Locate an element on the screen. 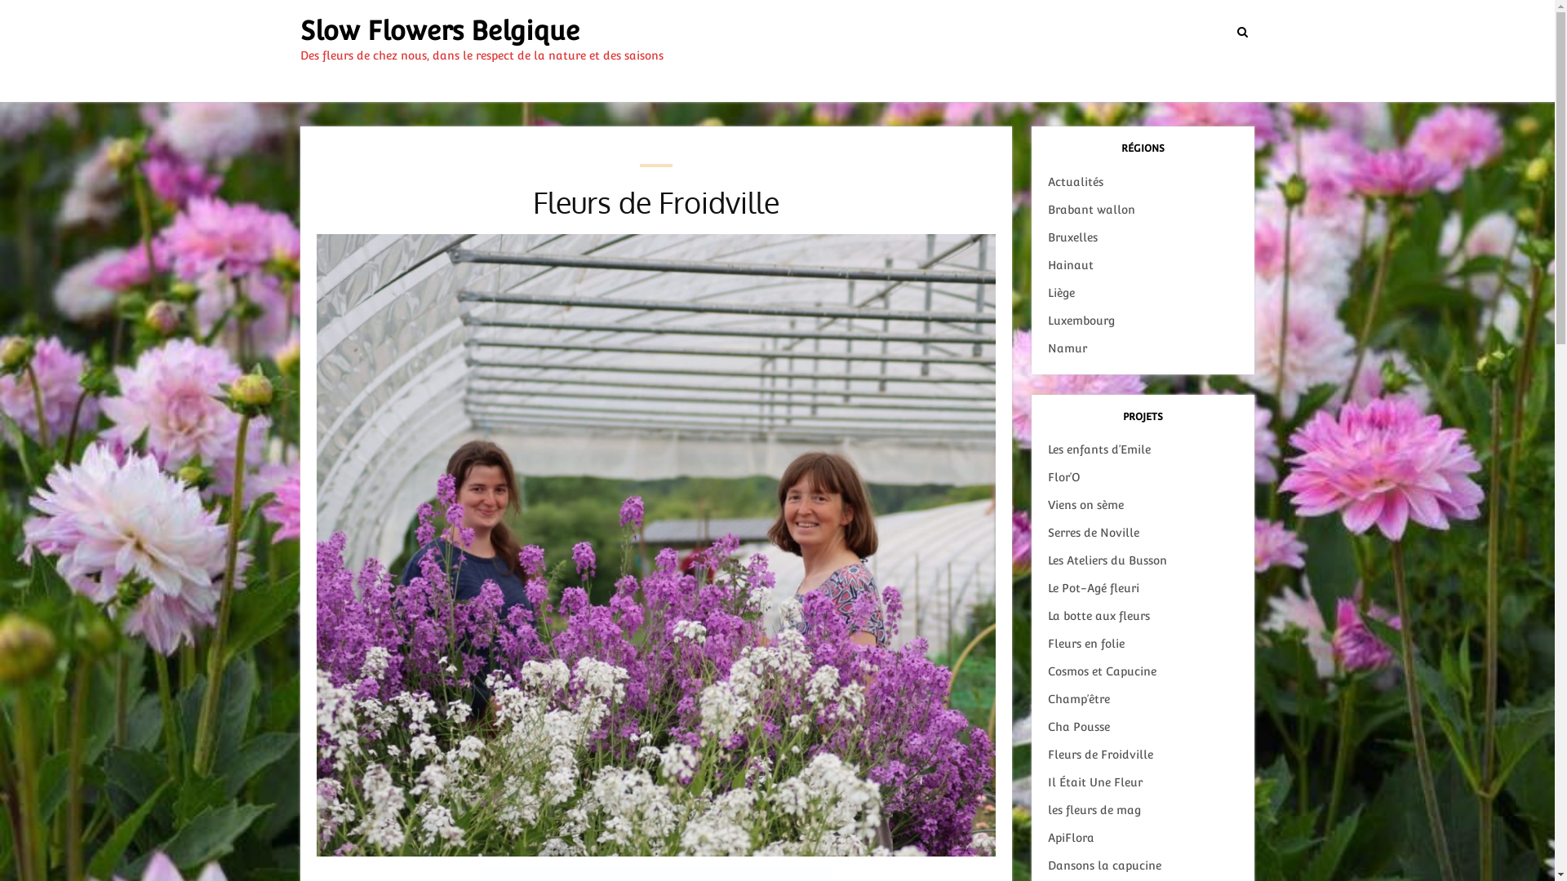 The height and width of the screenshot is (881, 1567). 'Serres de Noville' is located at coordinates (1093, 532).